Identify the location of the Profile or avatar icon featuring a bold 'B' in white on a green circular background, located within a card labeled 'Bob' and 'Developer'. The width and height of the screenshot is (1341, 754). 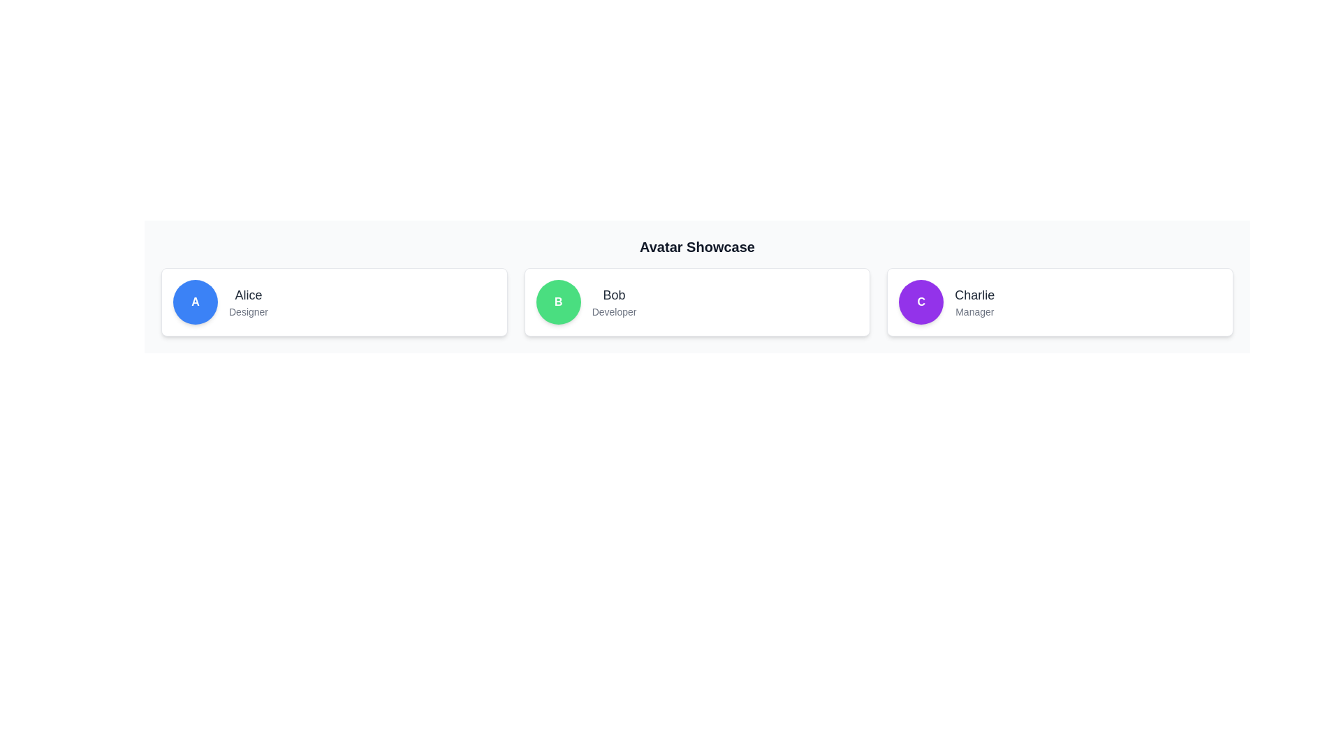
(557, 301).